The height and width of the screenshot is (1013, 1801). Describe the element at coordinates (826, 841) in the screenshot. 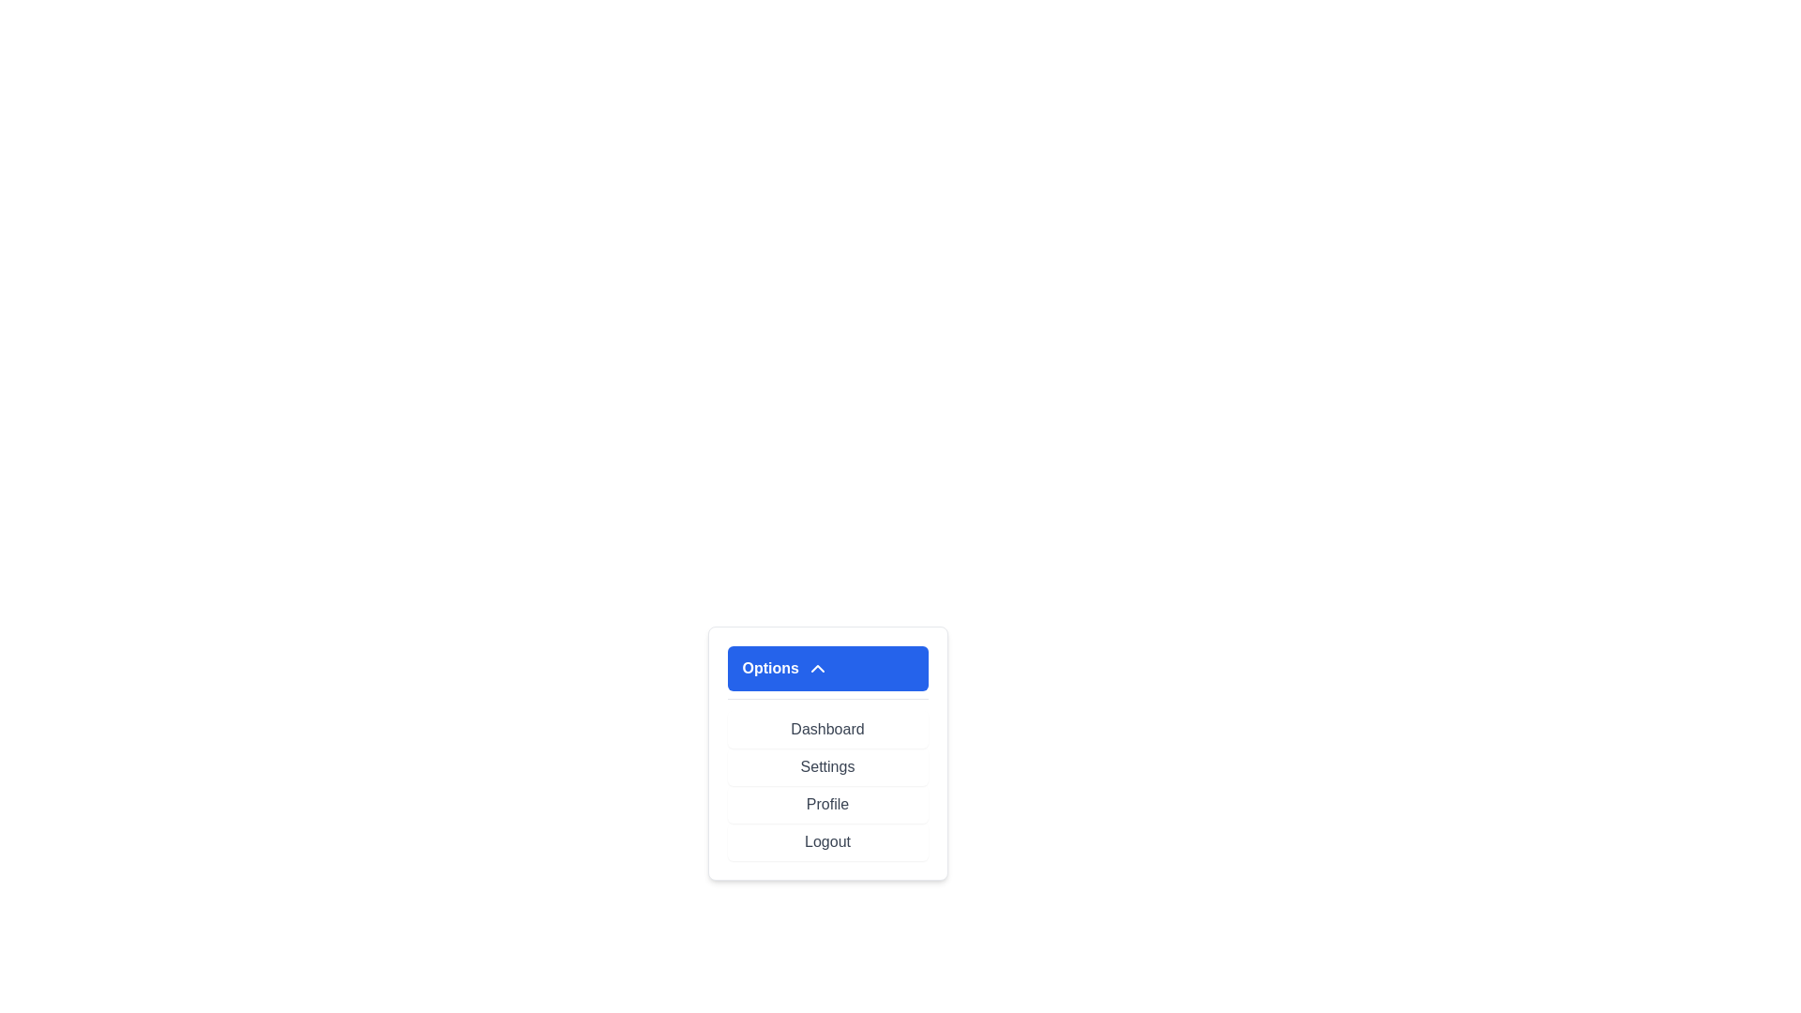

I see `the menu item Logout by clicking on it` at that location.